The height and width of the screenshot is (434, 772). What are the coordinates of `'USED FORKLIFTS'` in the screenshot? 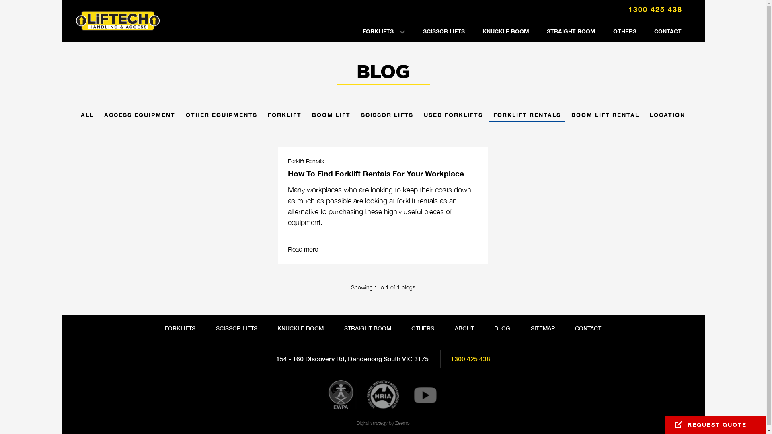 It's located at (419, 116).